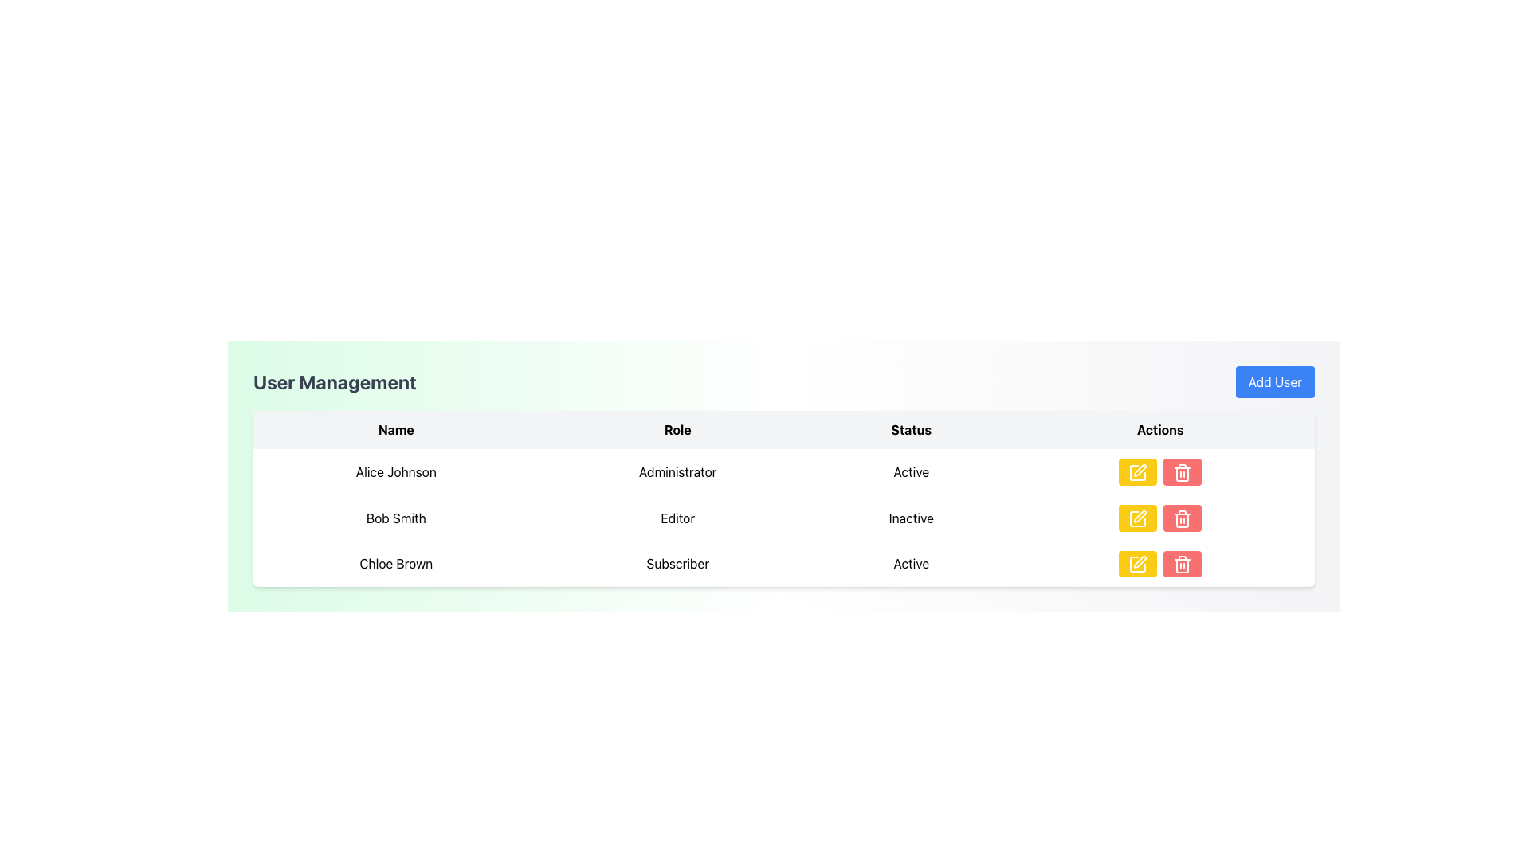 The width and height of the screenshot is (1530, 860). Describe the element at coordinates (1137, 471) in the screenshot. I see `the pencil icon in the 'Actions' column of the first row associated with user 'Alice Johnson'` at that location.